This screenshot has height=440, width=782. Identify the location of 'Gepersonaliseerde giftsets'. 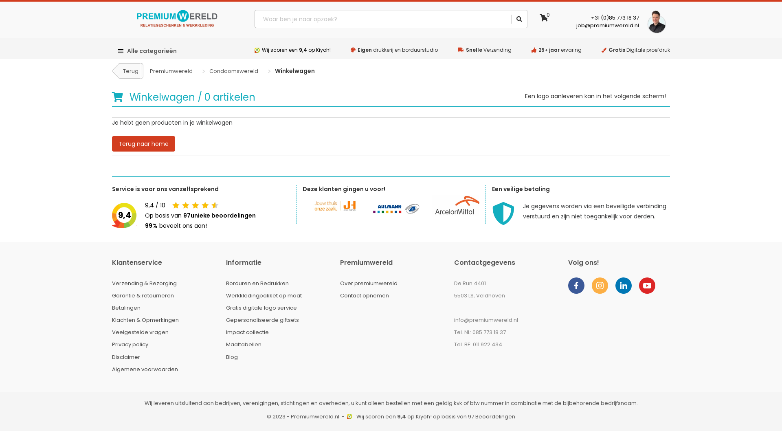
(262, 319).